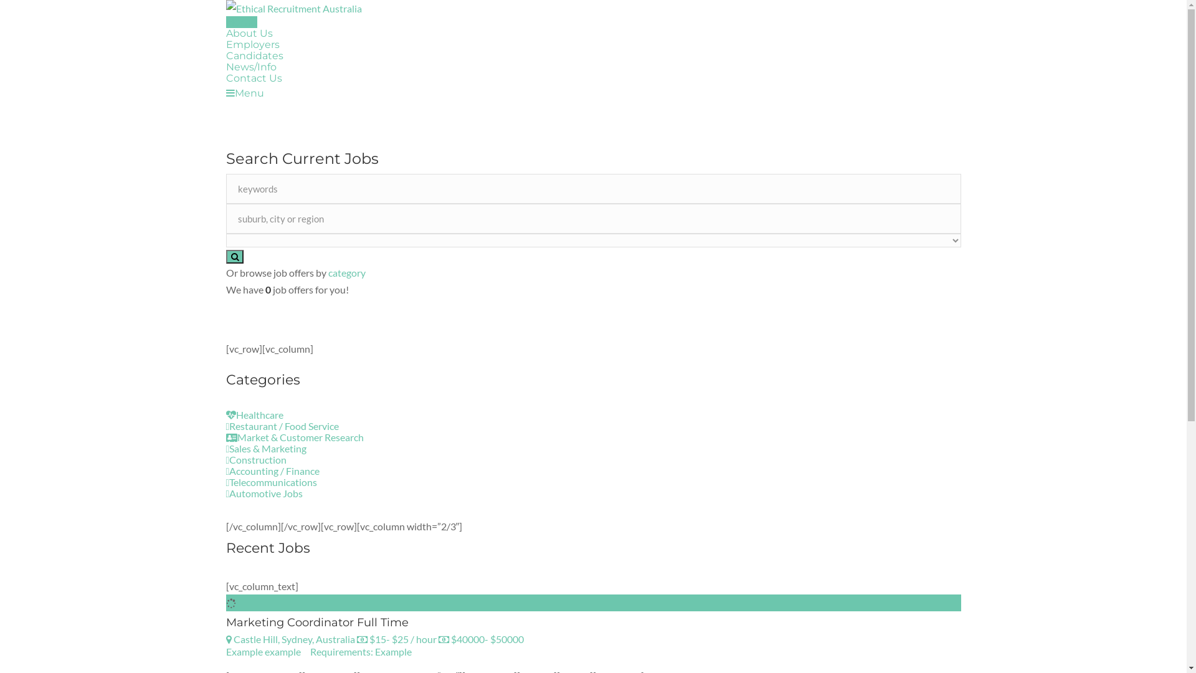  What do you see at coordinates (249, 32) in the screenshot?
I see `'About Us'` at bounding box center [249, 32].